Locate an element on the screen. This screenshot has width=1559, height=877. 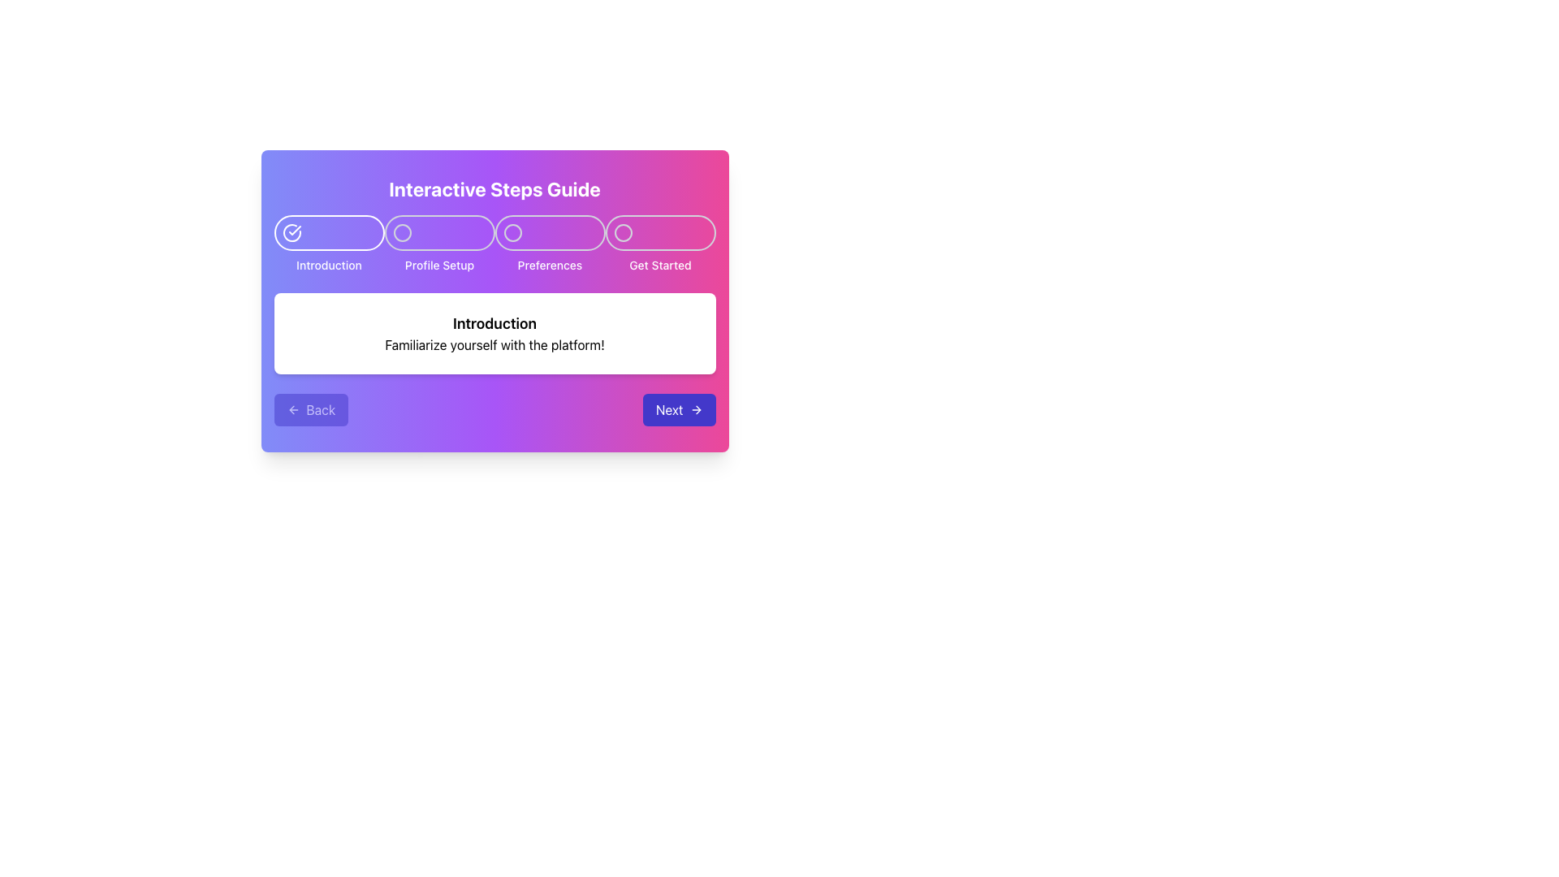
the 'Profile Setup' progress indicator in the step marker sequence is located at coordinates (439, 232).